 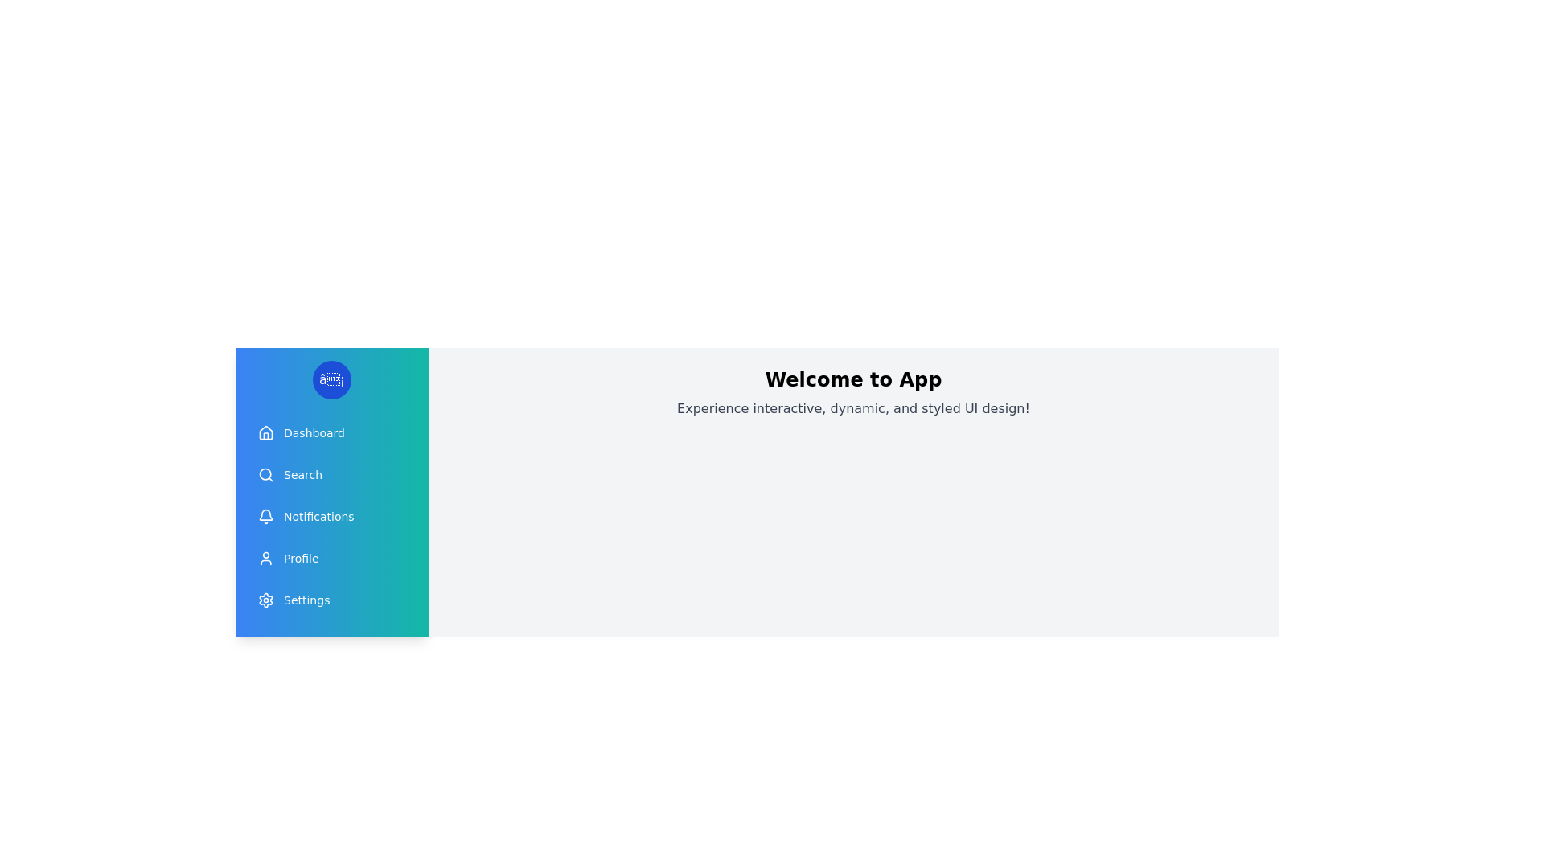 I want to click on the menu item Dashboard to observe its hover effect, so click(x=331, y=432).